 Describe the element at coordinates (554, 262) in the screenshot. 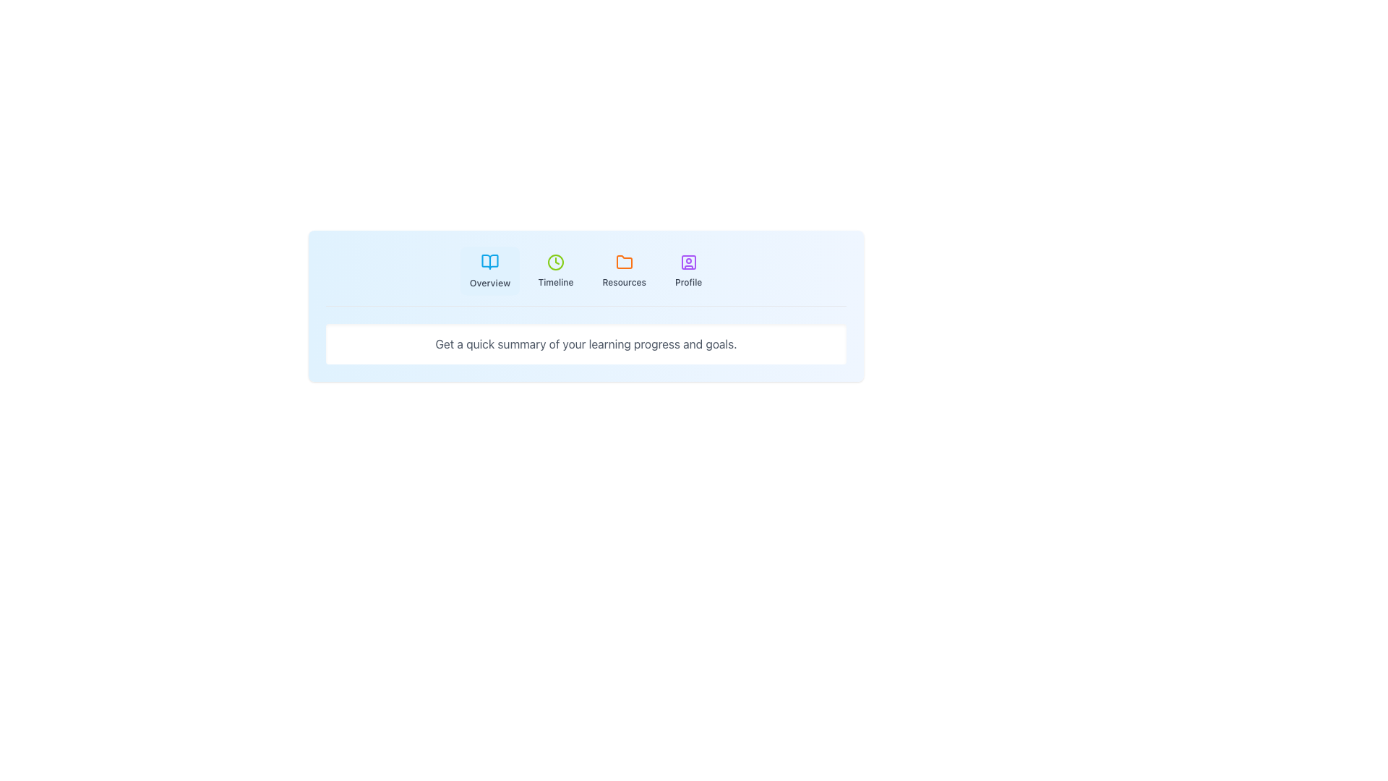

I see `lime-green circular SVG element that forms part of the clock icon in the Timeline section` at that location.